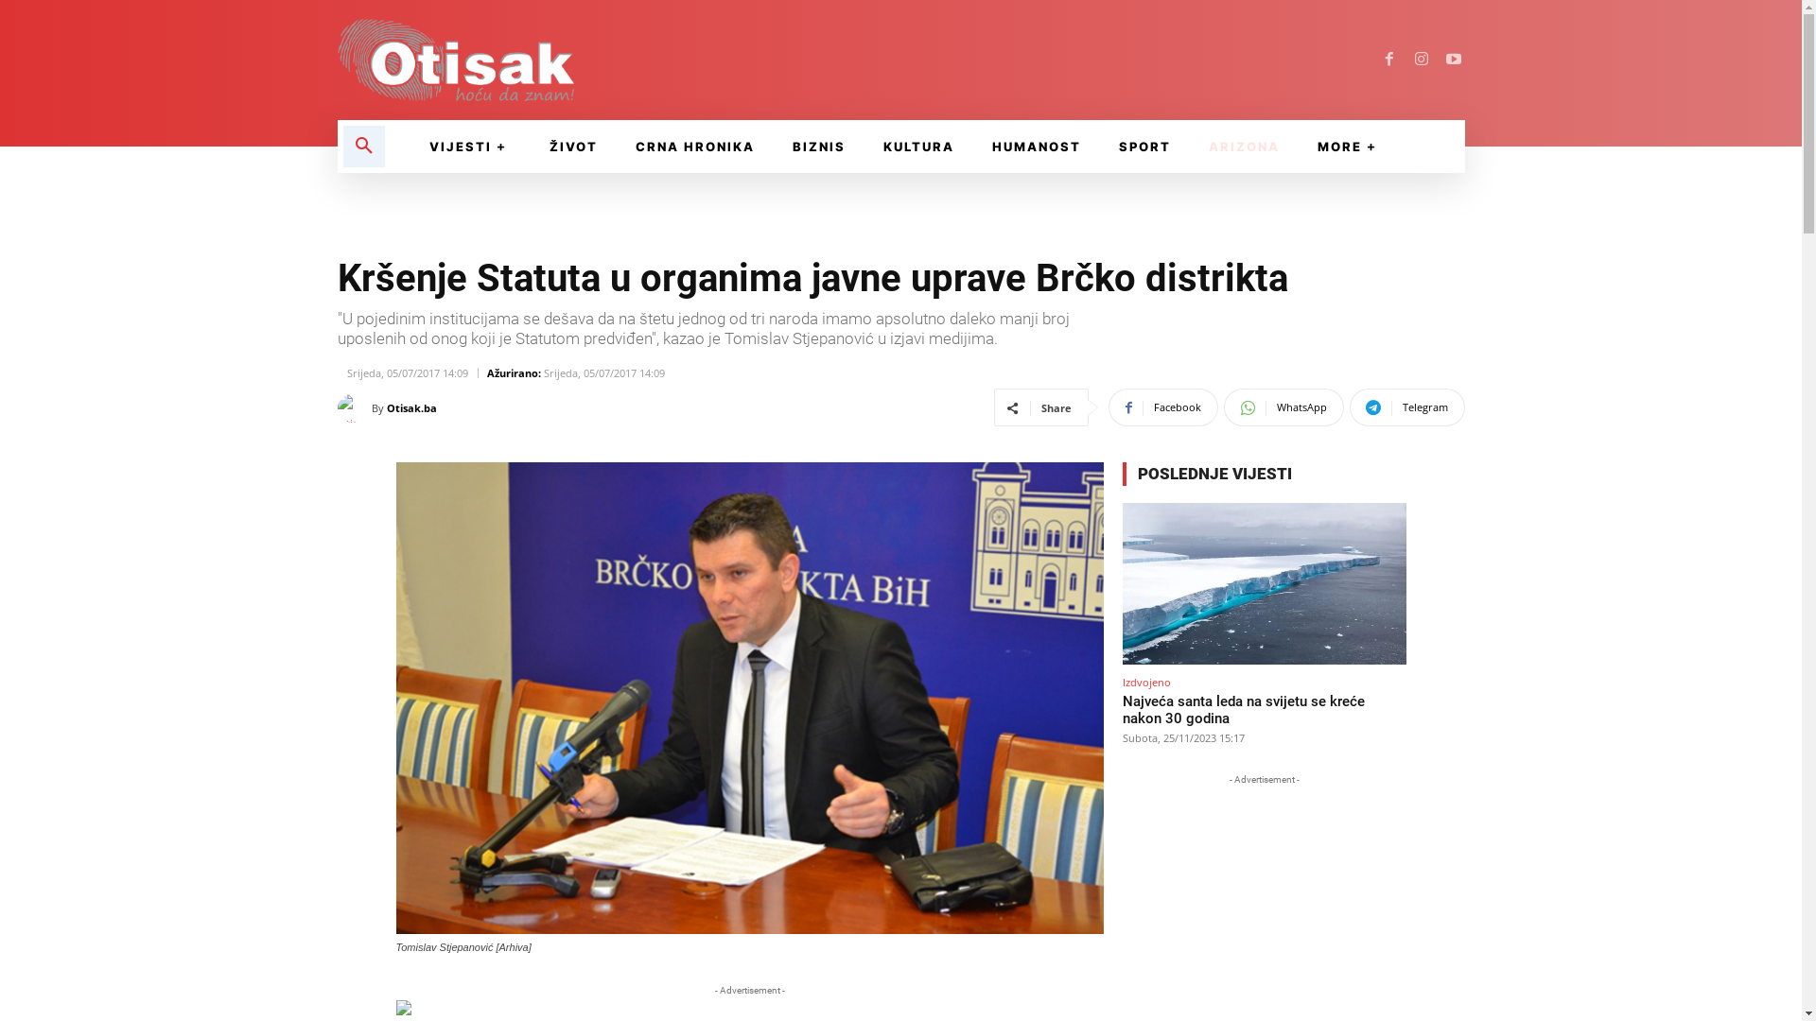 This screenshot has height=1021, width=1816. What do you see at coordinates (918, 145) in the screenshot?
I see `'KULTURA'` at bounding box center [918, 145].